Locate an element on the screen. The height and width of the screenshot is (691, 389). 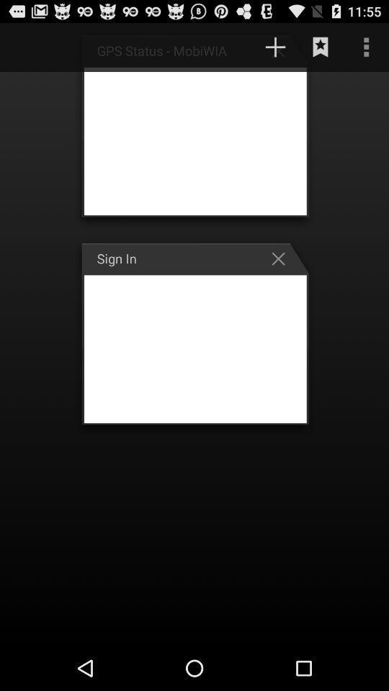
the add icon is located at coordinates (275, 50).